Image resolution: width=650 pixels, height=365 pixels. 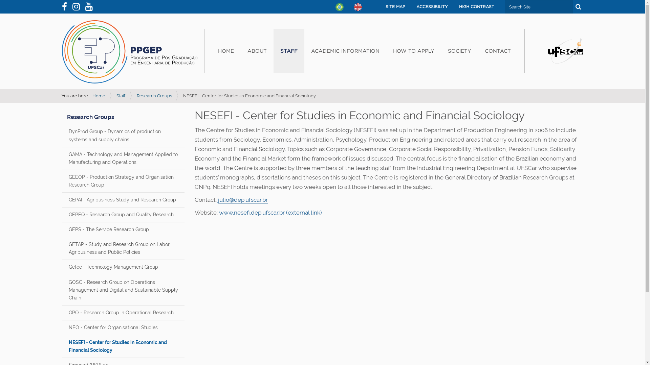 What do you see at coordinates (357, 6) in the screenshot?
I see `'English'` at bounding box center [357, 6].